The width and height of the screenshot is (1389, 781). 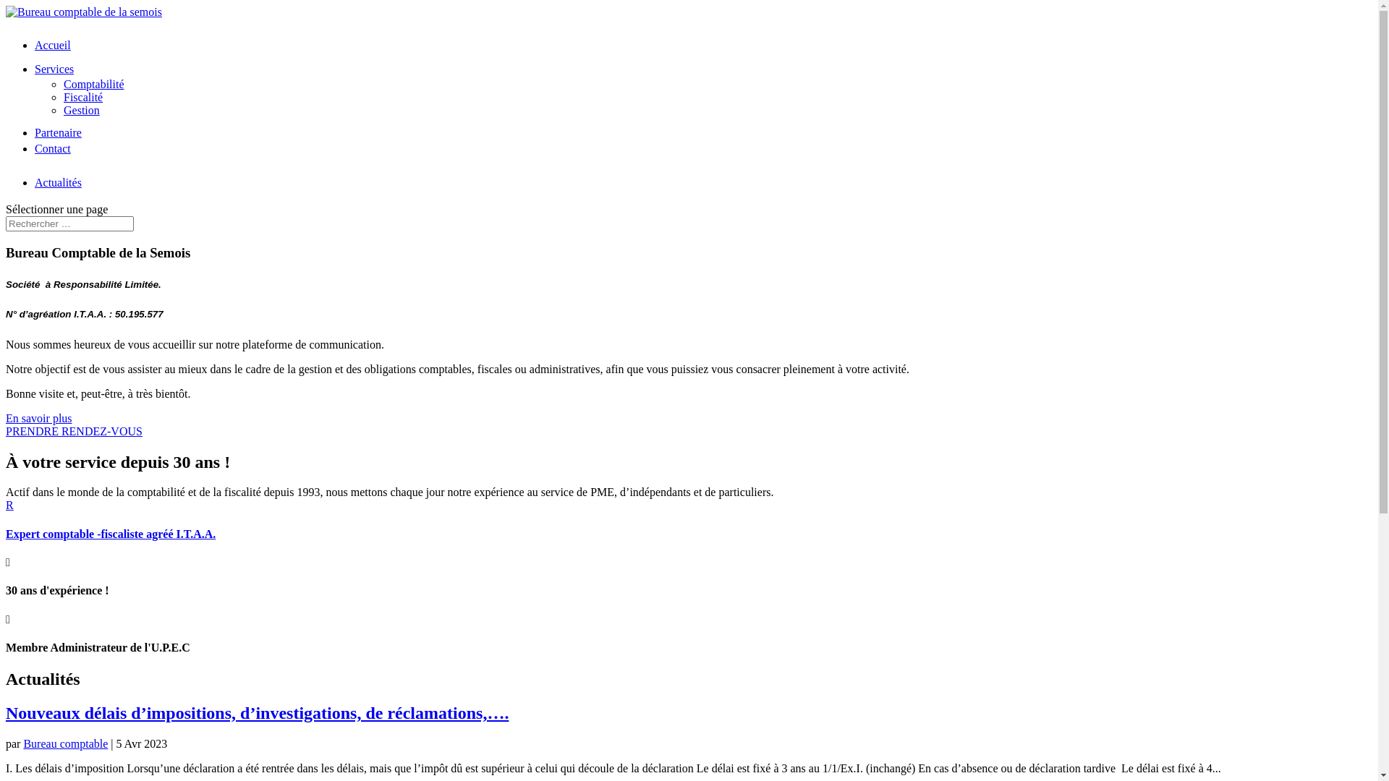 I want to click on 'Partenaire', so click(x=35, y=132).